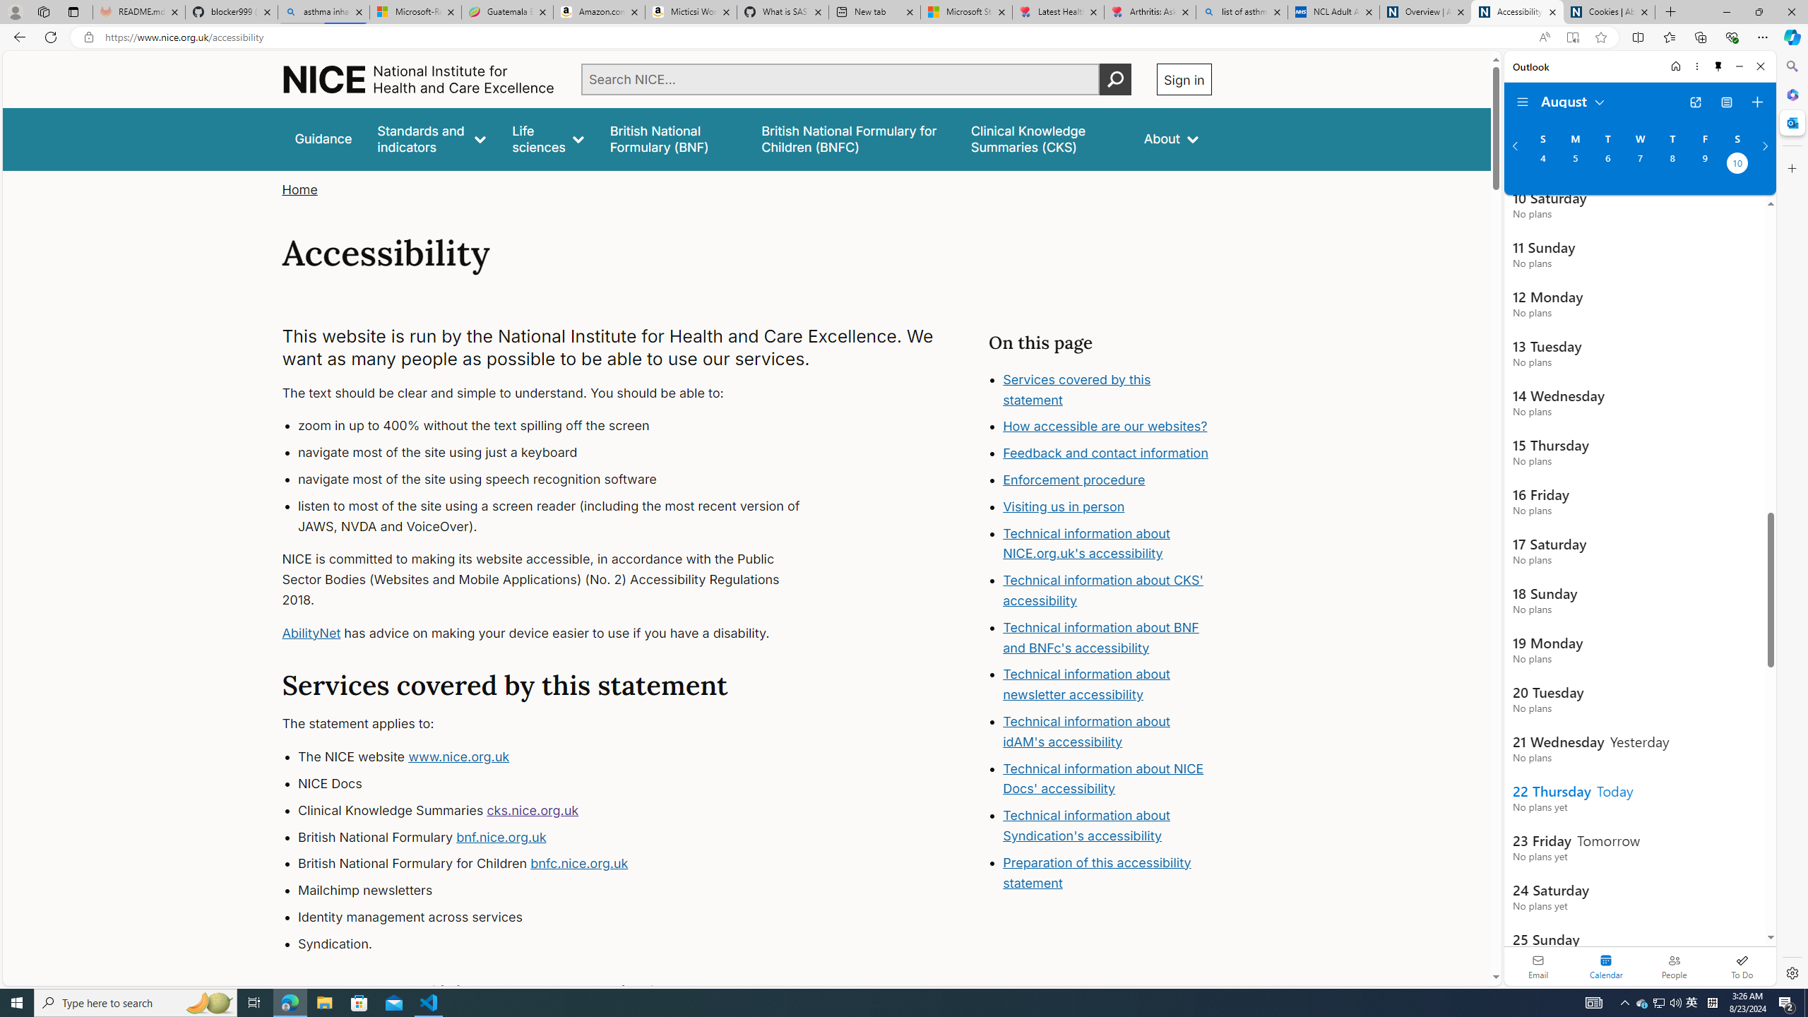 The width and height of the screenshot is (1808, 1017). Describe the element at coordinates (1086, 825) in the screenshot. I see `'Technical information about Syndication'` at that location.